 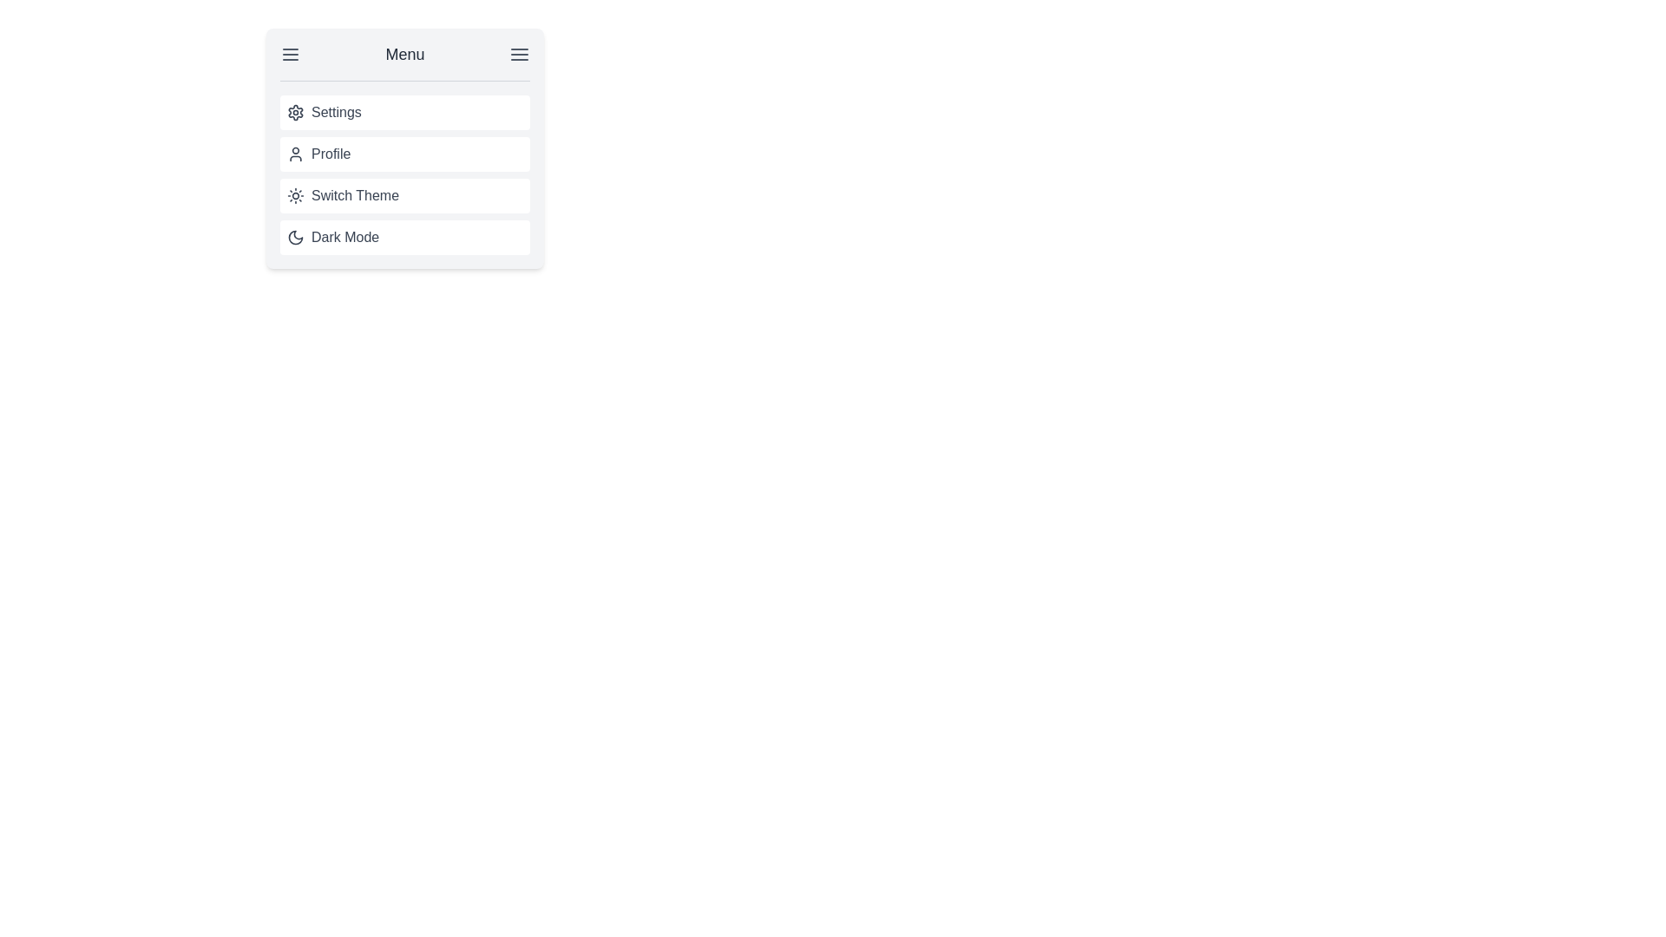 What do you see at coordinates (345, 237) in the screenshot?
I see `the text label that describes the function of the dark mode toggle in the fourth position of the vertical menu item list` at bounding box center [345, 237].